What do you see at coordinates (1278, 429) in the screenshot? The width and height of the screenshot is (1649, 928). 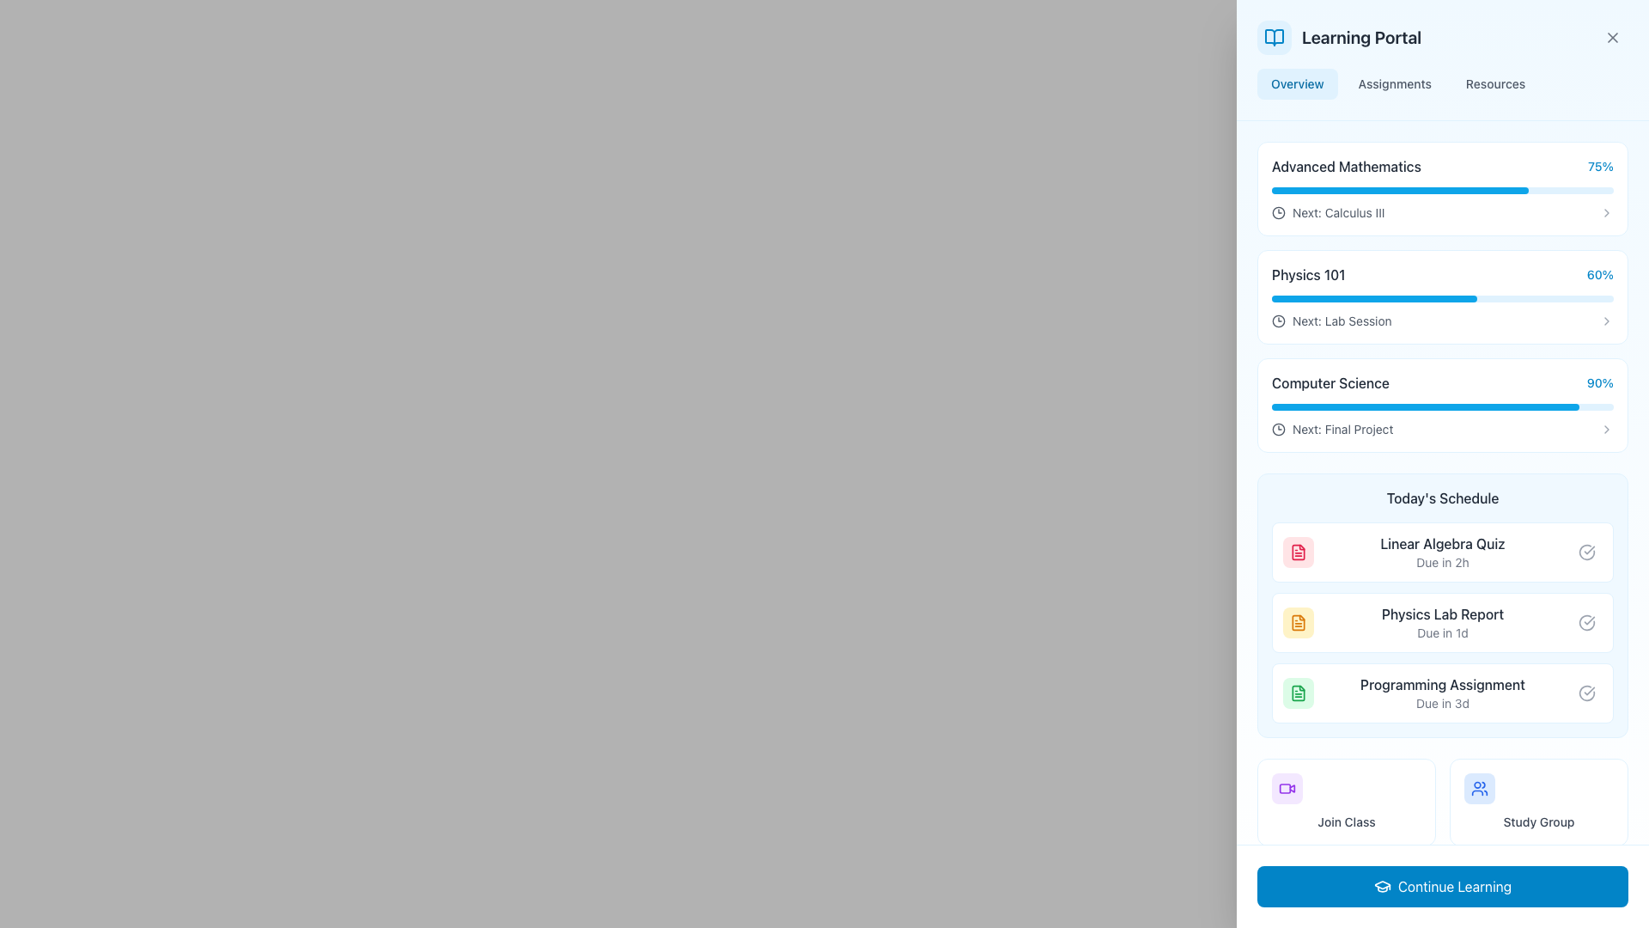 I see `the central circular component of the clock icon that is part of a course or item list` at bounding box center [1278, 429].